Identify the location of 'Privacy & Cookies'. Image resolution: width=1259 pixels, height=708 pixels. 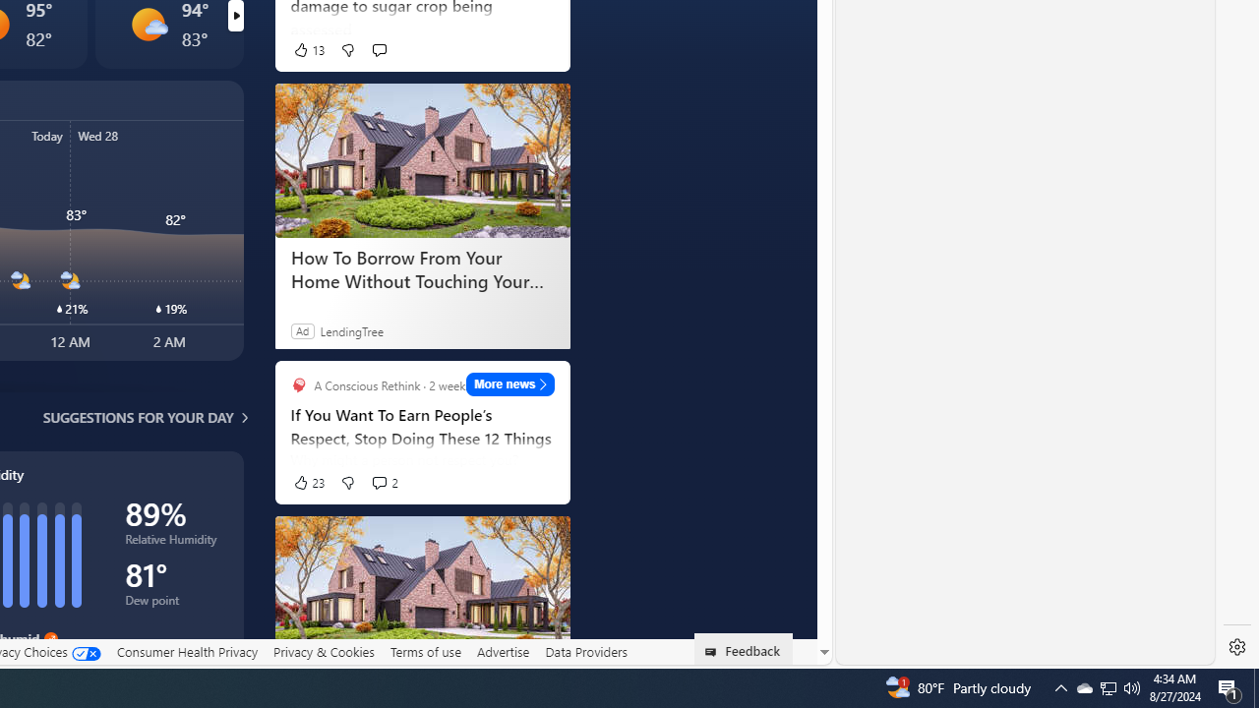
(324, 651).